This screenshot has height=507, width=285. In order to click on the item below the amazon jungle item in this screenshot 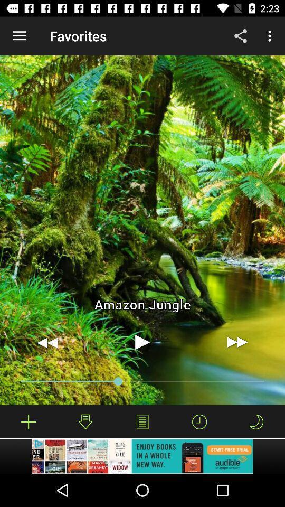, I will do `click(237, 342)`.